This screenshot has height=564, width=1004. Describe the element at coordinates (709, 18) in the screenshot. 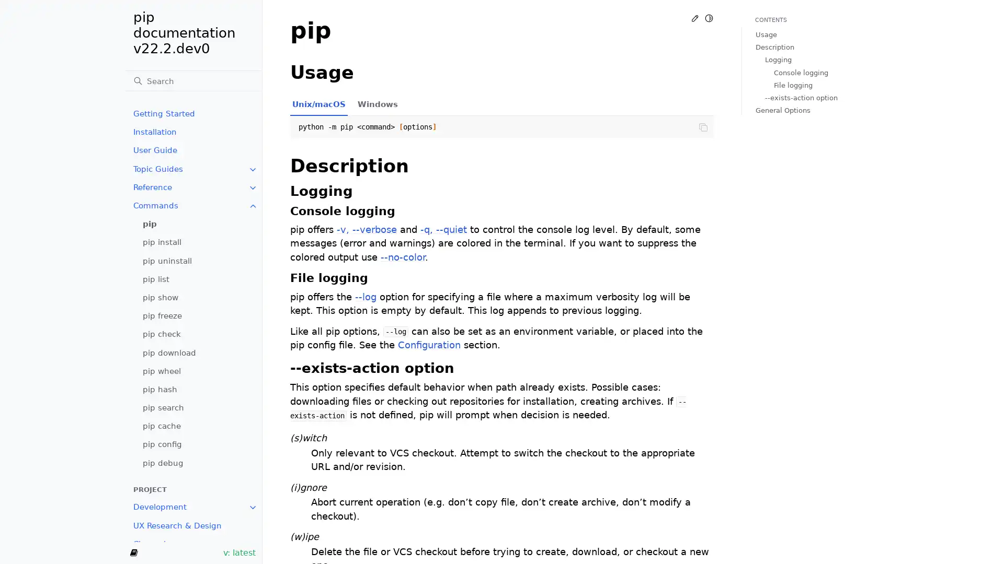

I see `Toggle Light / Dark / Auto color theme` at that location.